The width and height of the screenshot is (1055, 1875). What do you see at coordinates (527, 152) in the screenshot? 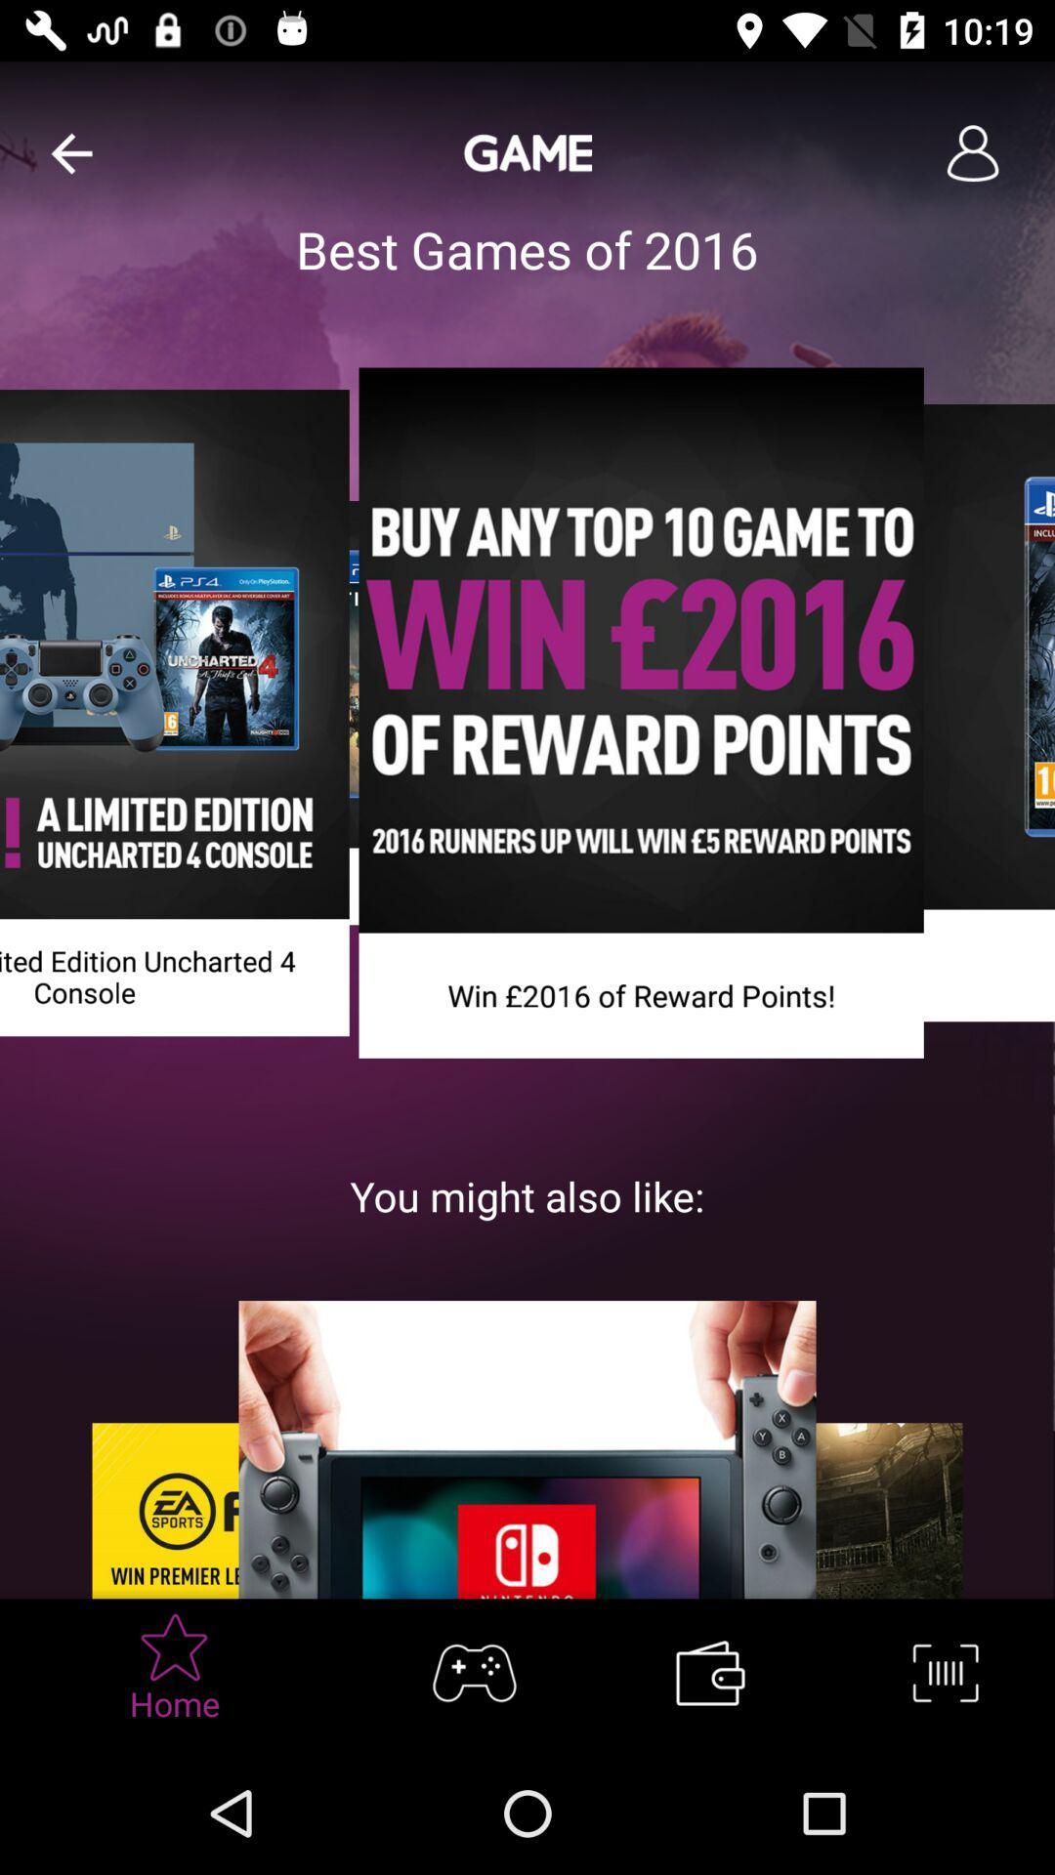
I see `the text game` at bounding box center [527, 152].